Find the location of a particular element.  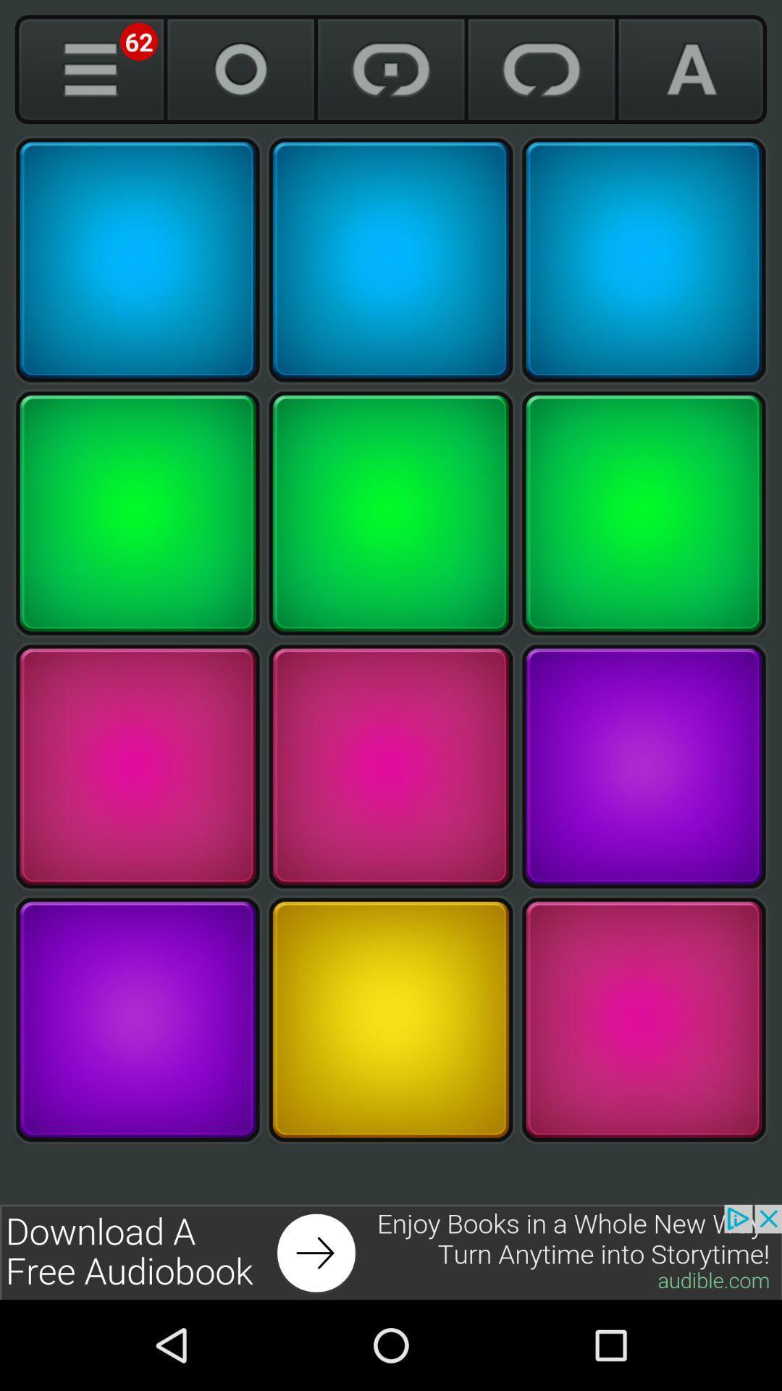

a is located at coordinates (691, 69).